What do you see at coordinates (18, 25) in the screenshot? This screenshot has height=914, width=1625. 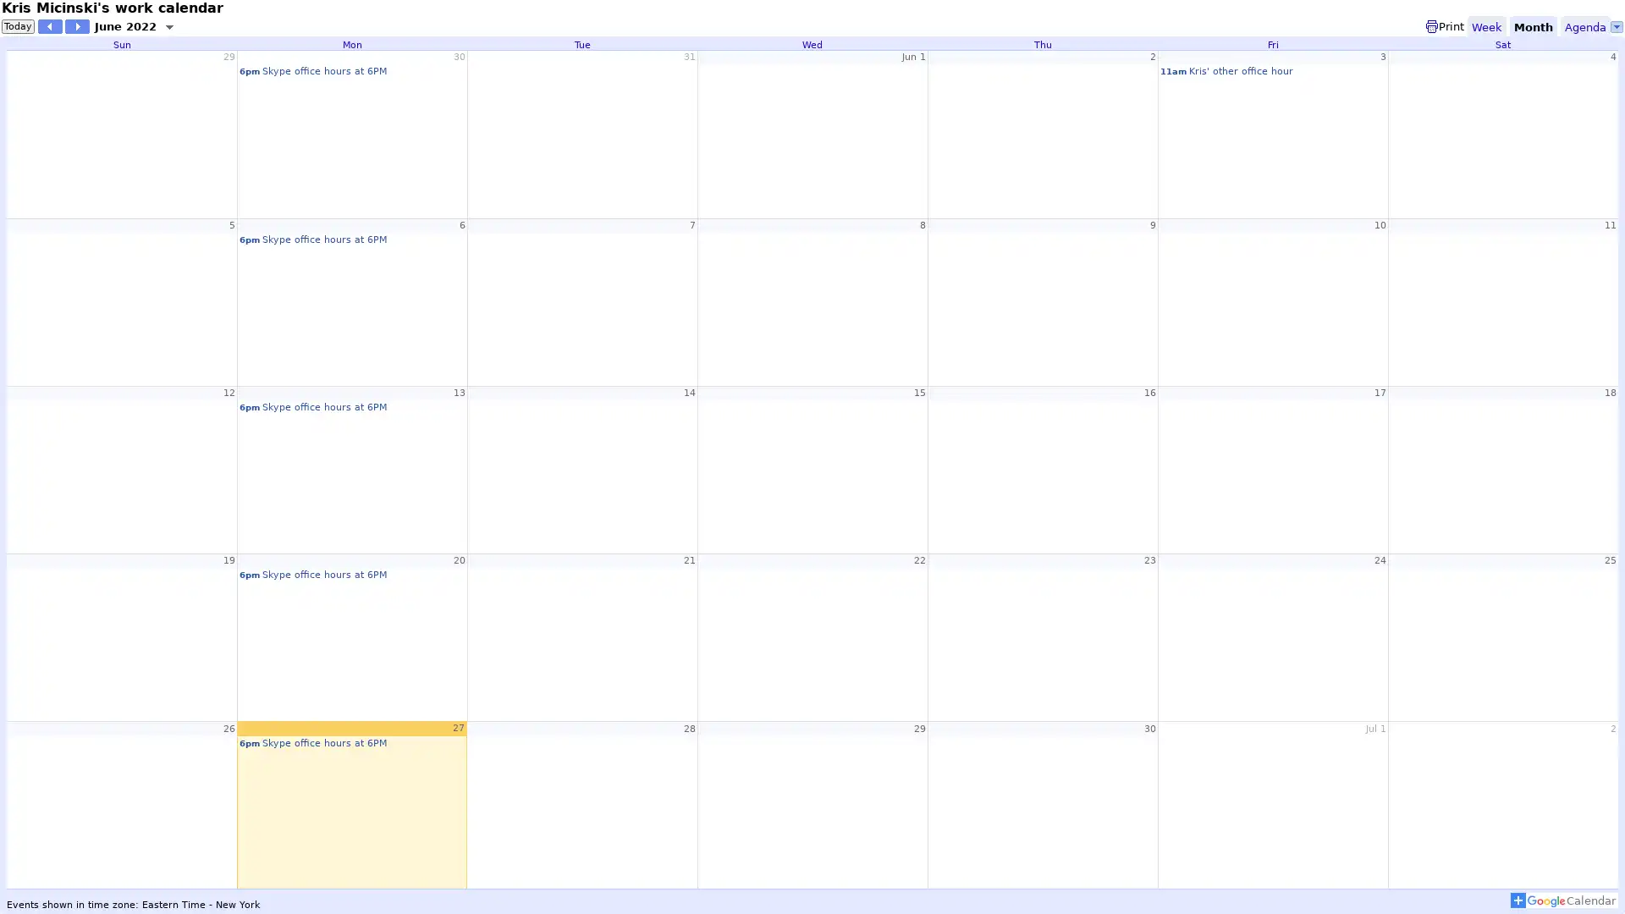 I see `Today` at bounding box center [18, 25].